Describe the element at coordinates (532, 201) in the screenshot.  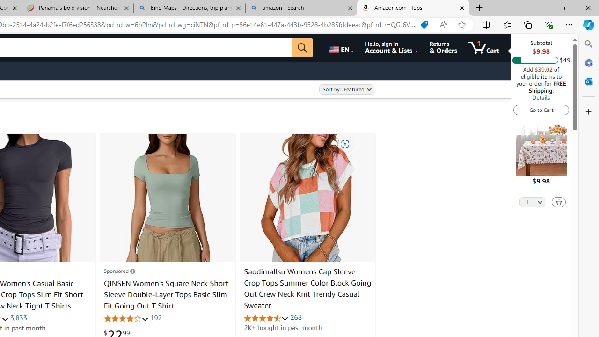
I see `'Quantity Selector'` at that location.